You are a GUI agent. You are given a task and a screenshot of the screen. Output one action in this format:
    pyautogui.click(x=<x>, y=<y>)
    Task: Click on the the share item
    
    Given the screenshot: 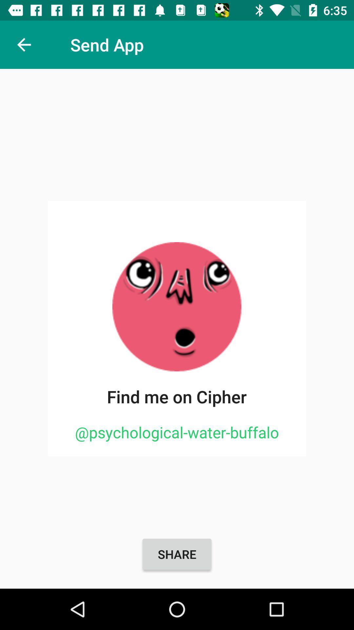 What is the action you would take?
    pyautogui.click(x=177, y=554)
    